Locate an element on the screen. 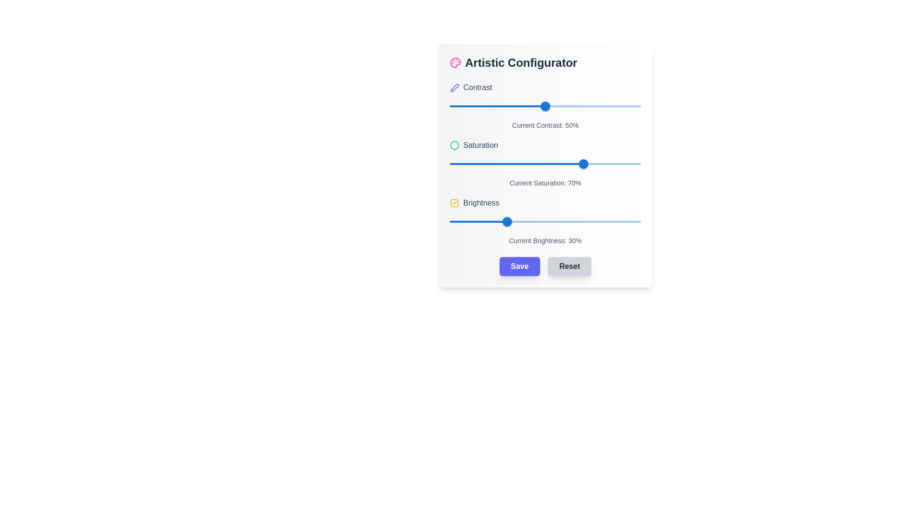  the Icon representing the artistic functionality located at the beginning of the 'Artistic Configurator' header in the configuration panel is located at coordinates (455, 62).